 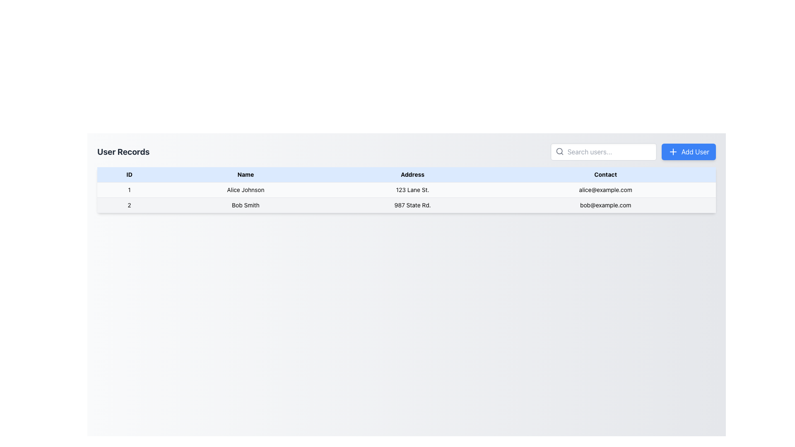 What do you see at coordinates (129, 190) in the screenshot?
I see `the table cell displaying the numeral '1' located under the 'ID' column` at bounding box center [129, 190].